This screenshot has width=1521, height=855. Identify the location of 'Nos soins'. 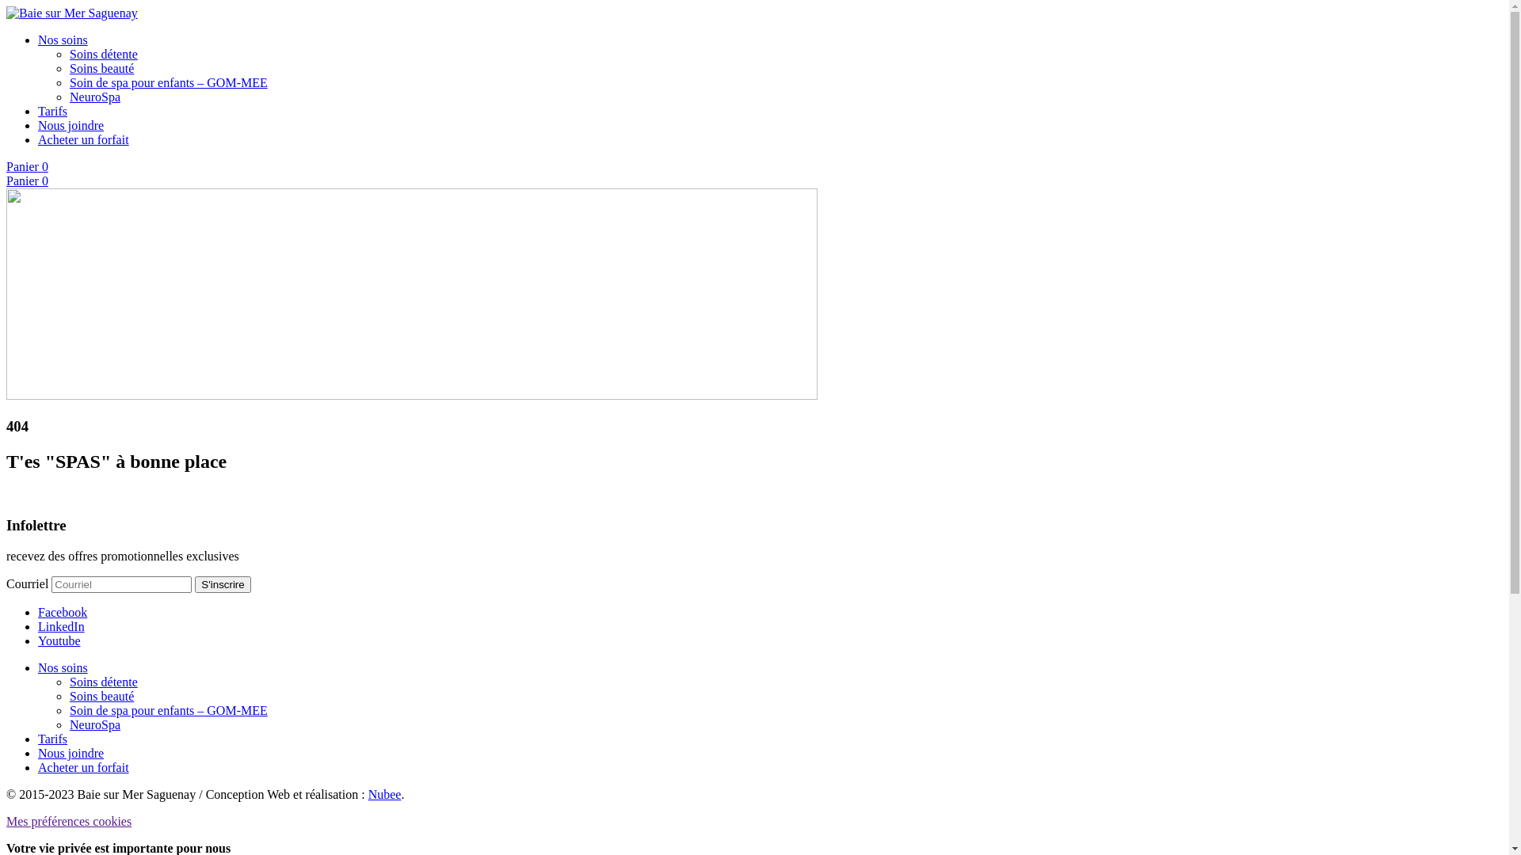
(63, 39).